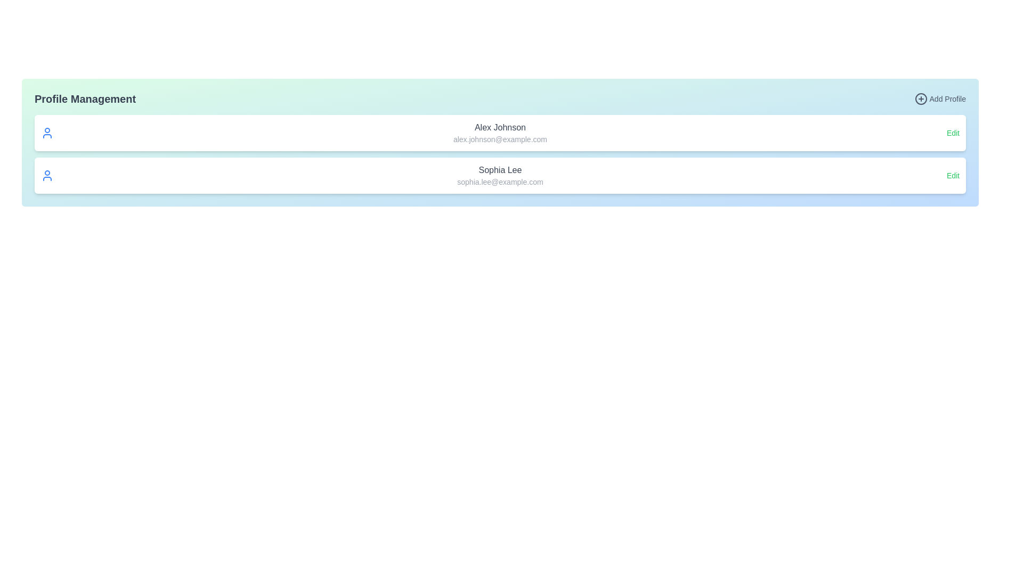 This screenshot has height=575, width=1023. Describe the element at coordinates (499, 139) in the screenshot. I see `the non-interactive text label displaying the email address associated with user 'Alex Johnson', located immediately below the text line of 'Alex Johnson'` at that location.